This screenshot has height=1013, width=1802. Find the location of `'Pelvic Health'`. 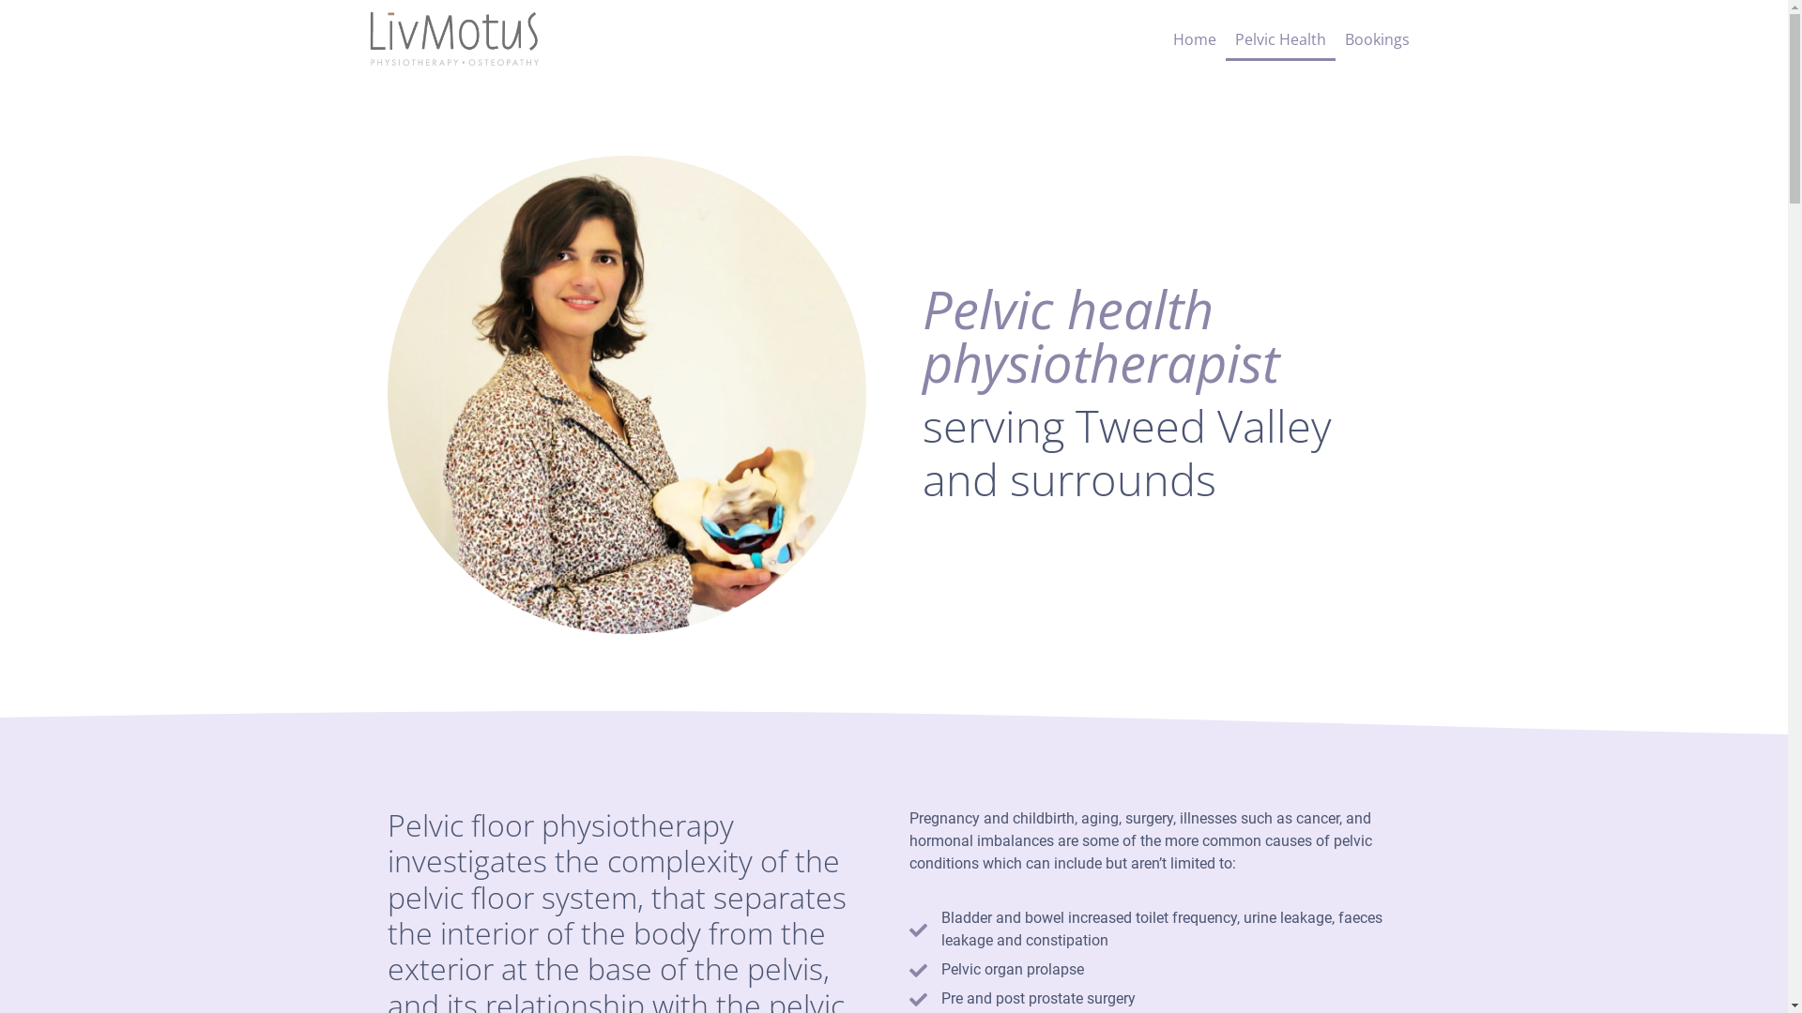

'Pelvic Health' is located at coordinates (1279, 39).